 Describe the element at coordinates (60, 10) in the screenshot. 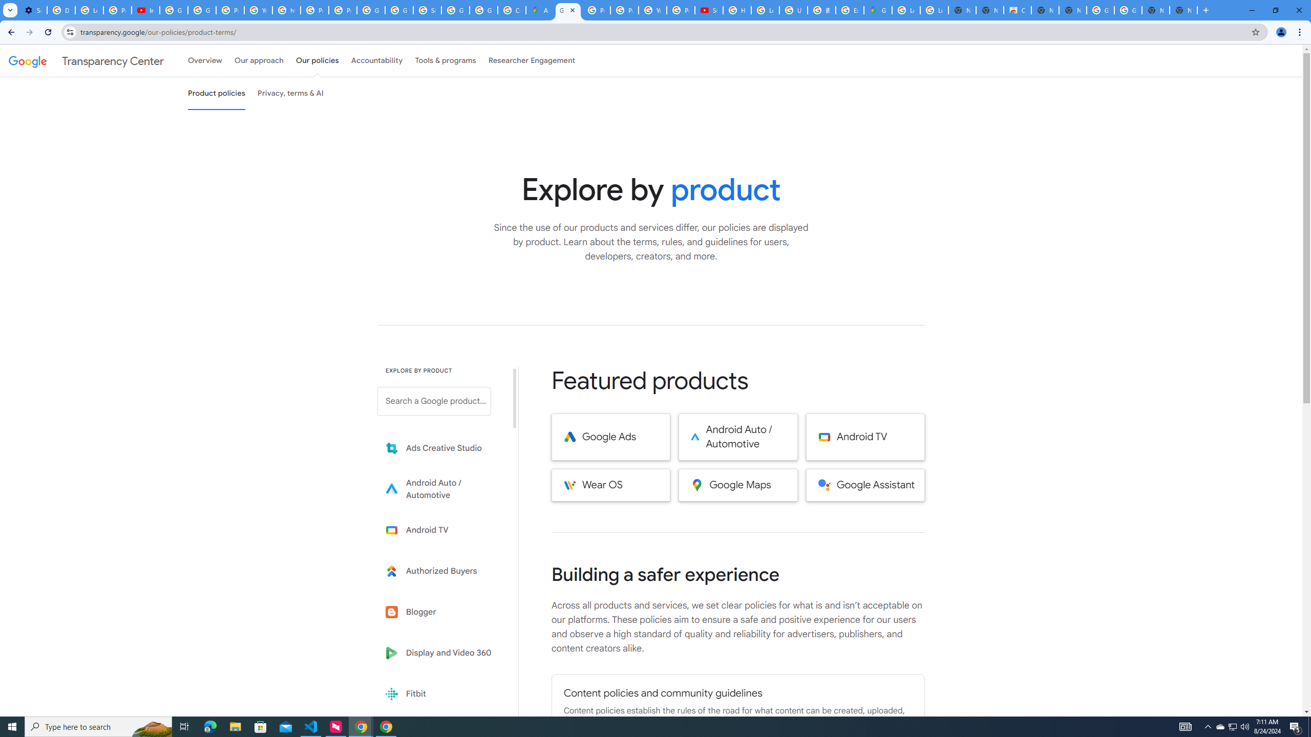

I see `'Delete photos & videos - Computer - Google Photos Help'` at that location.